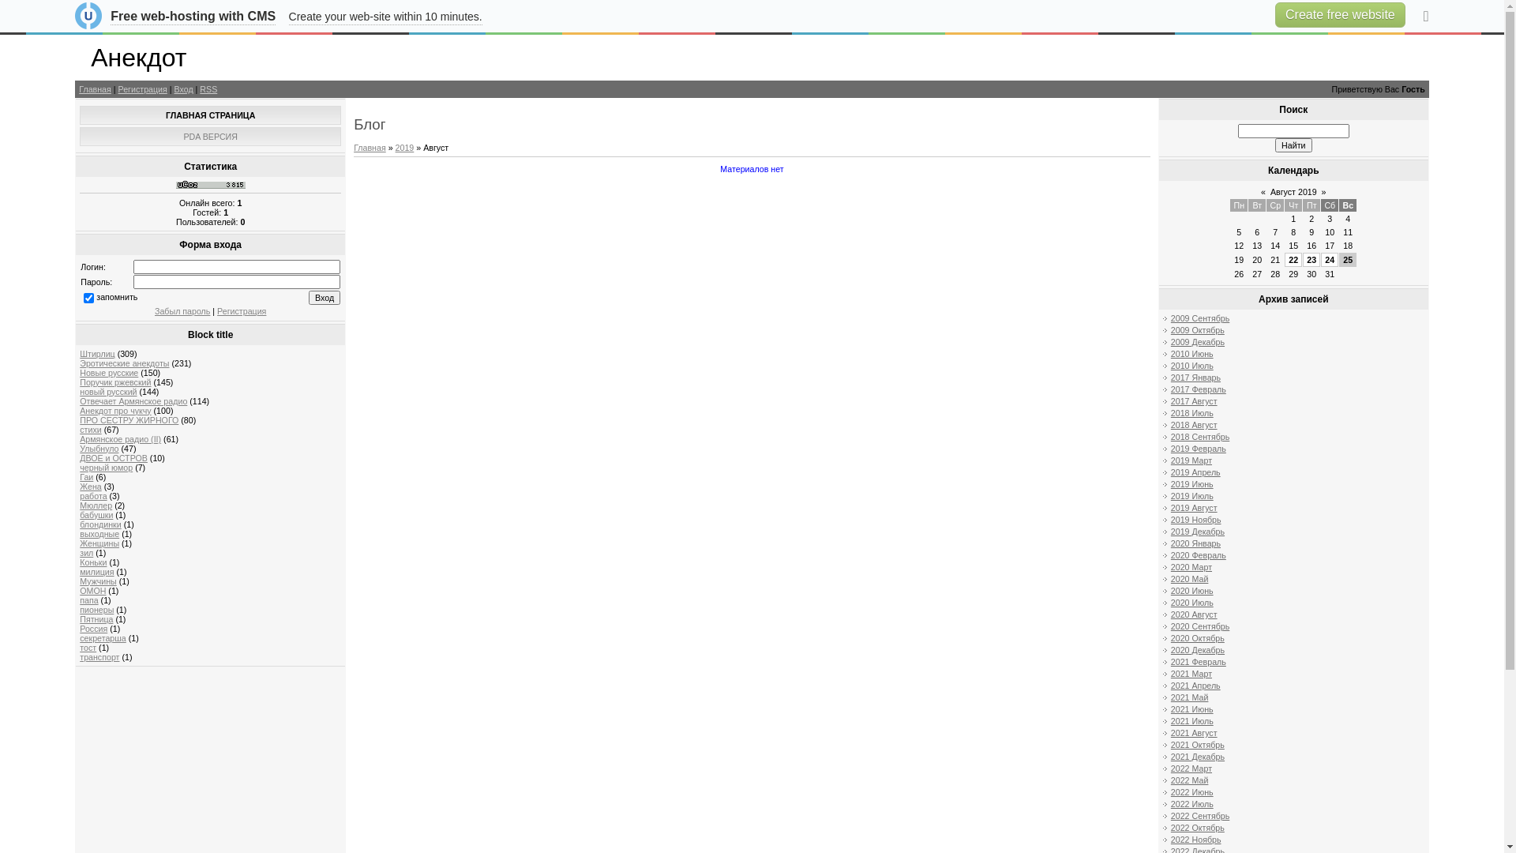 This screenshot has width=1516, height=853. What do you see at coordinates (210, 185) in the screenshot?
I see `'uCoz Counter'` at bounding box center [210, 185].